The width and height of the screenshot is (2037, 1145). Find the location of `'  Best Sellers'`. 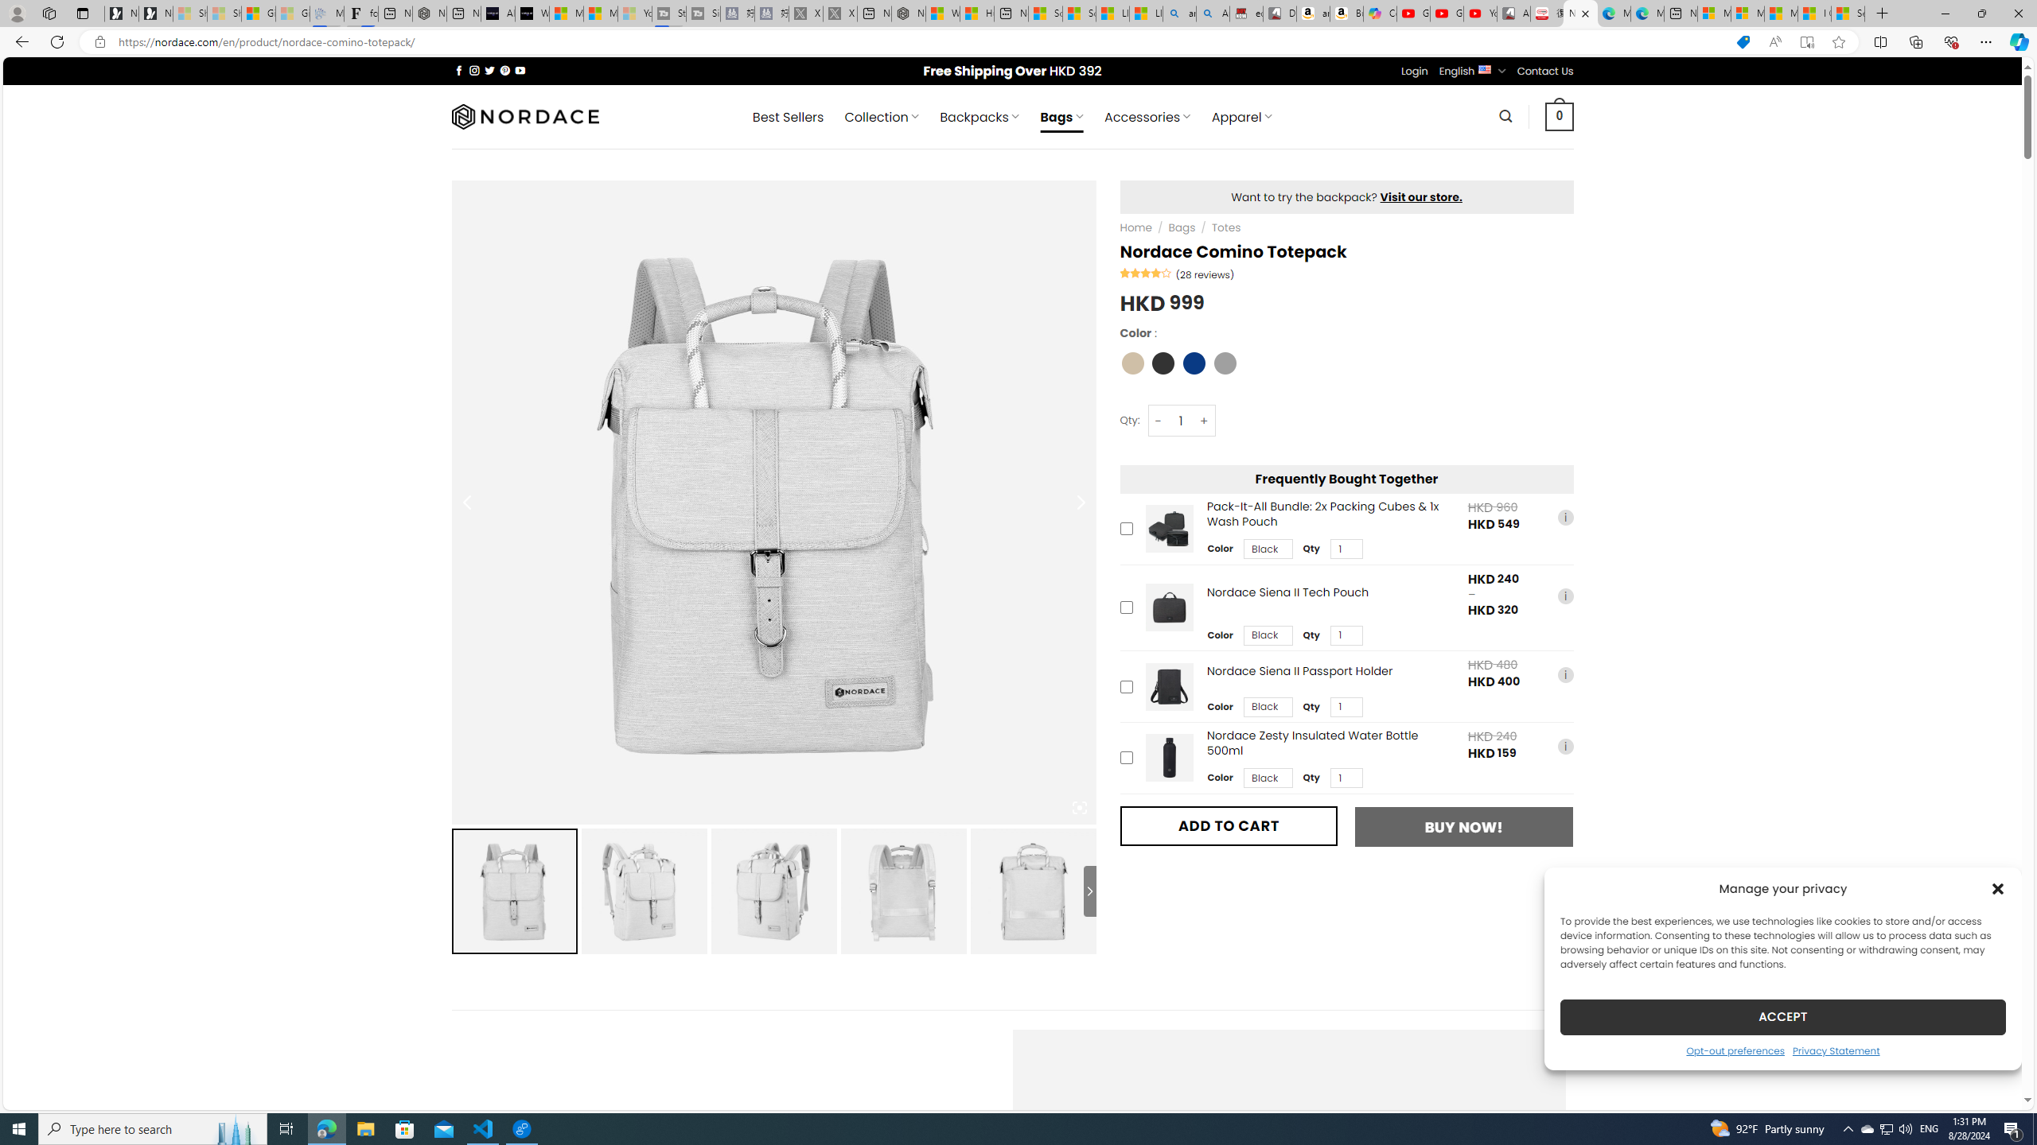

'  Best Sellers' is located at coordinates (788, 116).